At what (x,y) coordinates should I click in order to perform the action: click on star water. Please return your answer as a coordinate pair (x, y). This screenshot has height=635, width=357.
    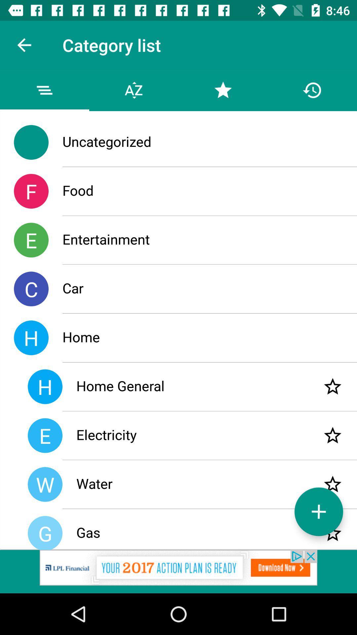
    Looking at the image, I should click on (333, 484).